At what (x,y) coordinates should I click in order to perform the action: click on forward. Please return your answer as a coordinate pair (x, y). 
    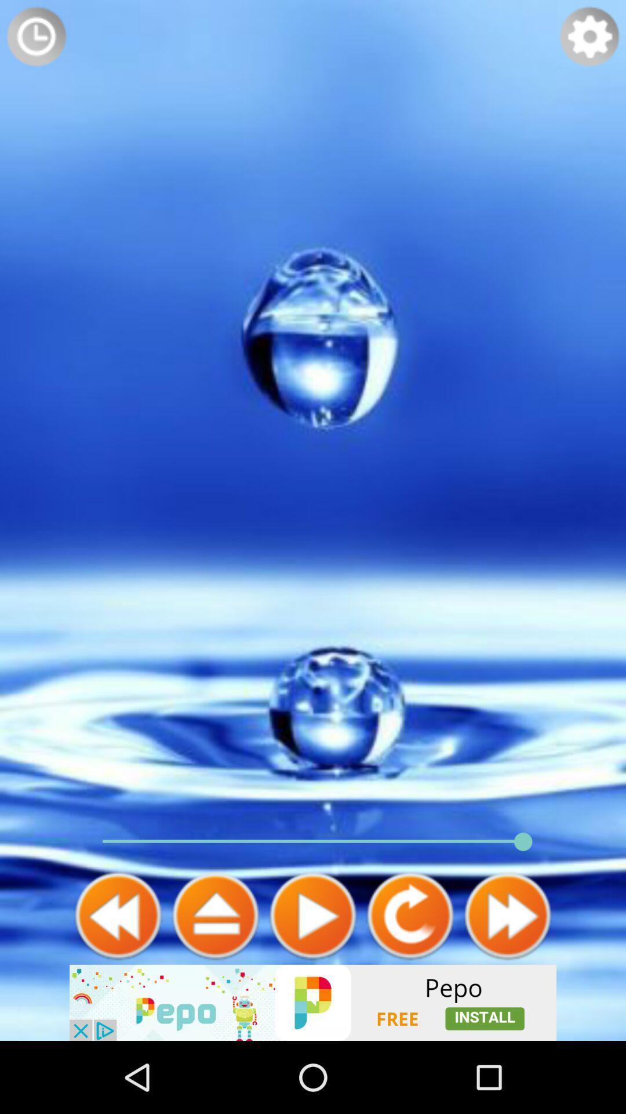
    Looking at the image, I should click on (507, 915).